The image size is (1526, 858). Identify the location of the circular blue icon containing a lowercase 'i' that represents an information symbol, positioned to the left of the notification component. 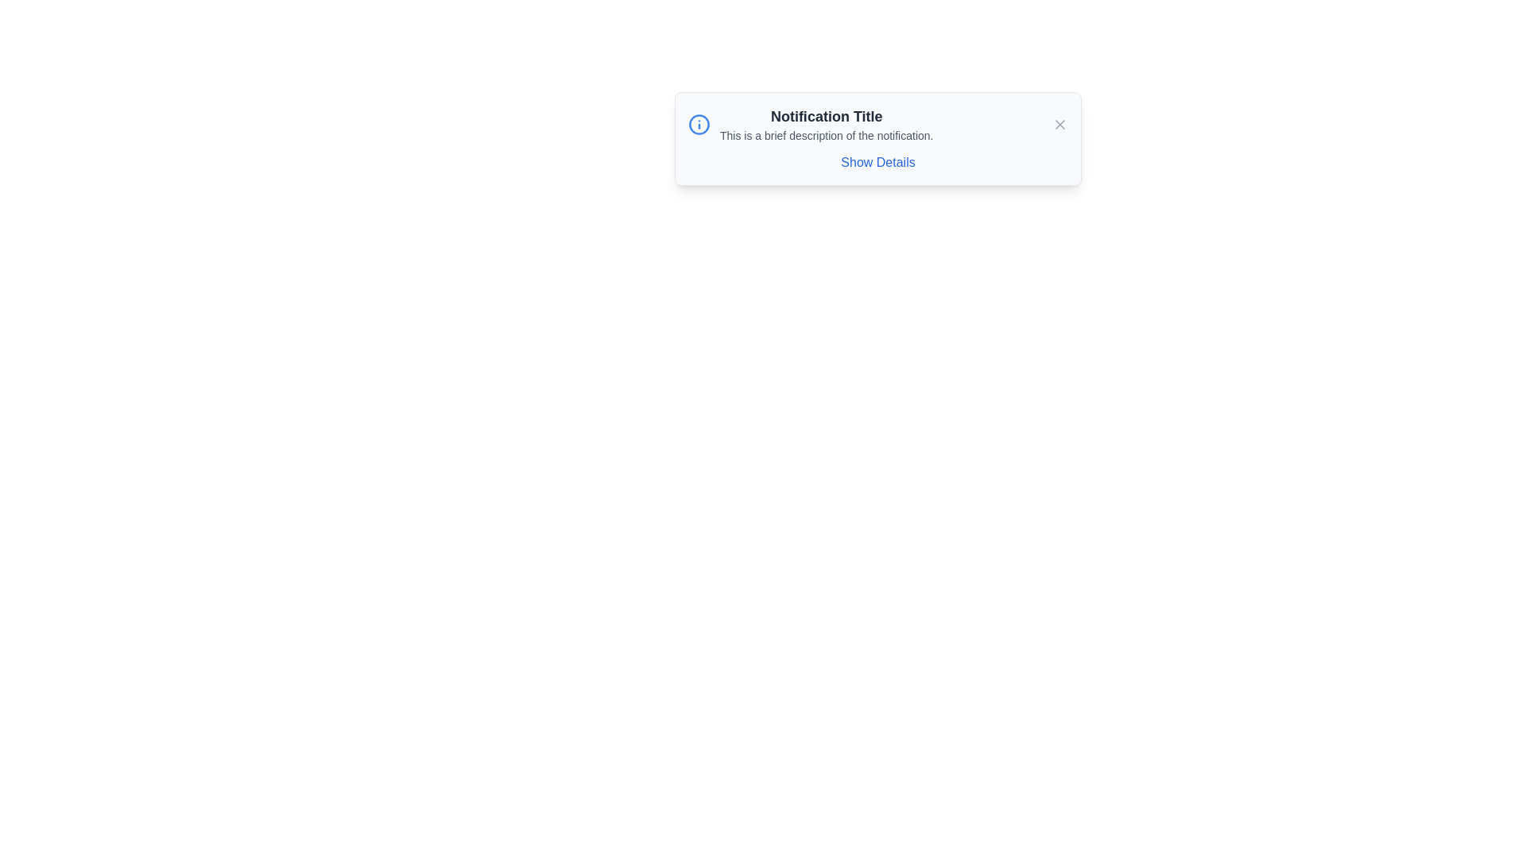
(699, 124).